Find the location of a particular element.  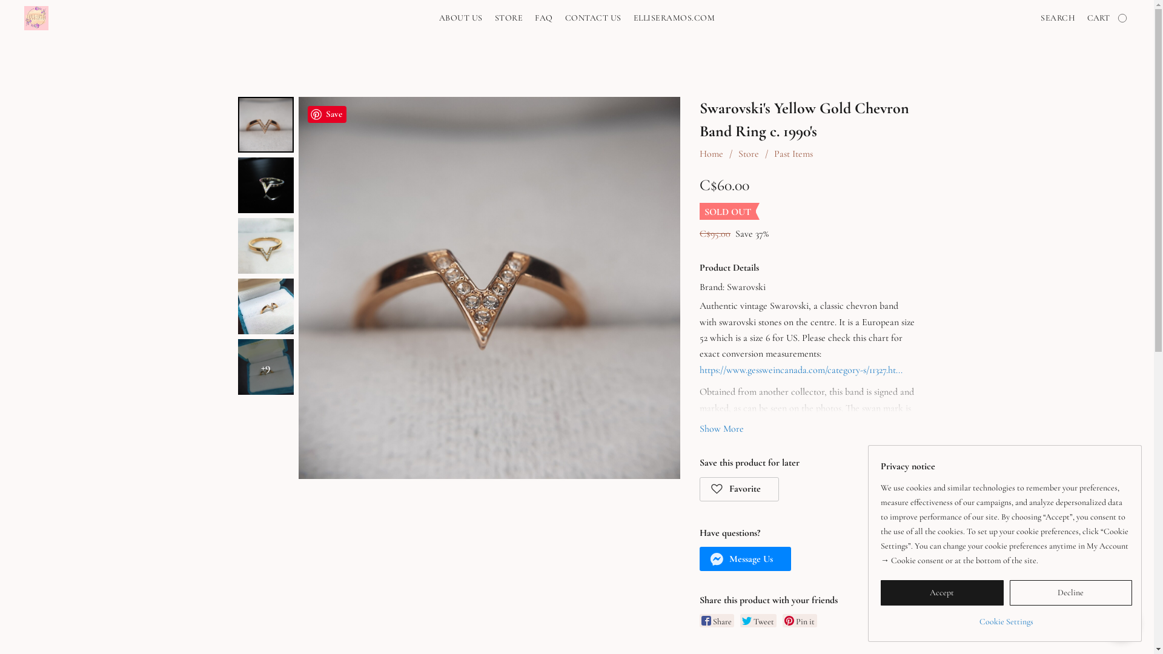

'Past Items' is located at coordinates (794, 153).